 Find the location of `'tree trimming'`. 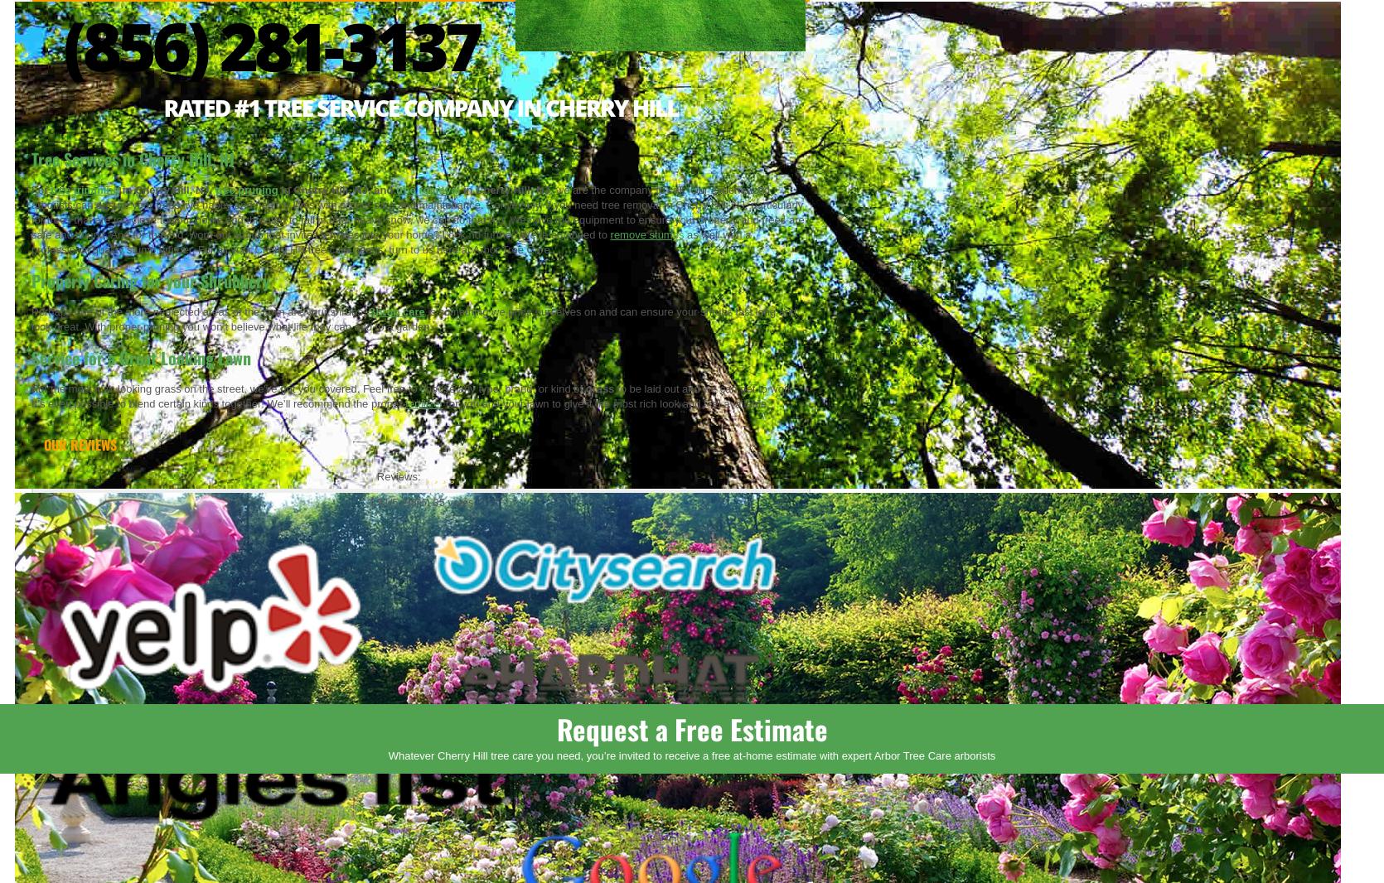

'tree trimming' is located at coordinates (50, 188).